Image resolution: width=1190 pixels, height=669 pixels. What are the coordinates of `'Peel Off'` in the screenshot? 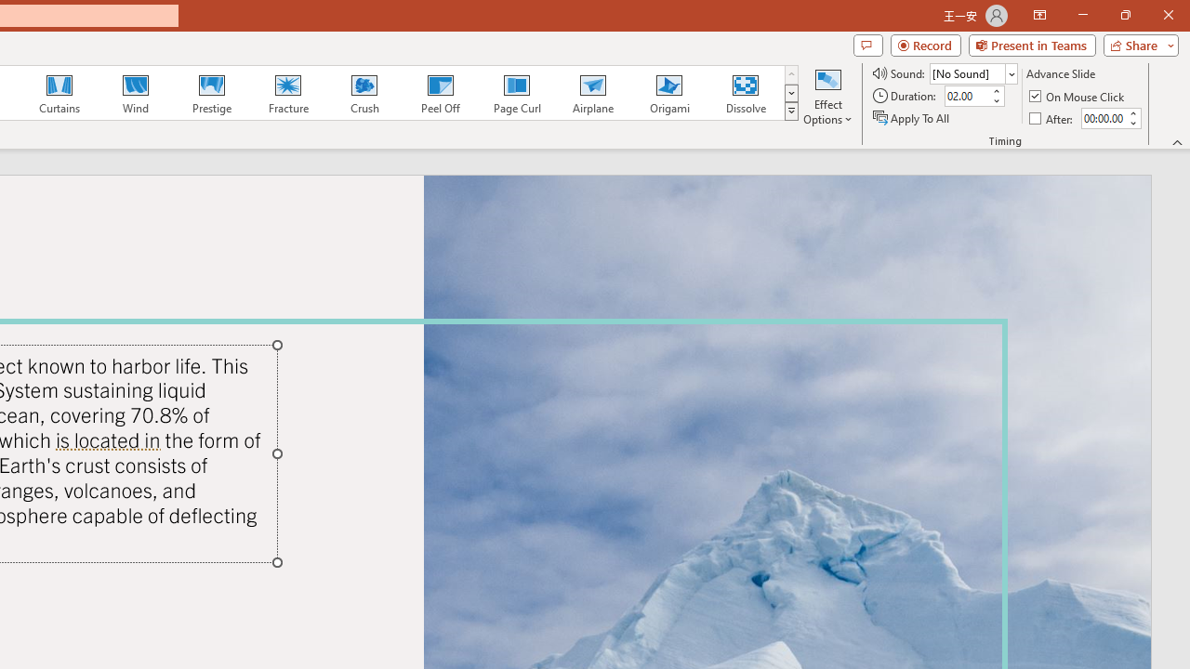 It's located at (439, 93).